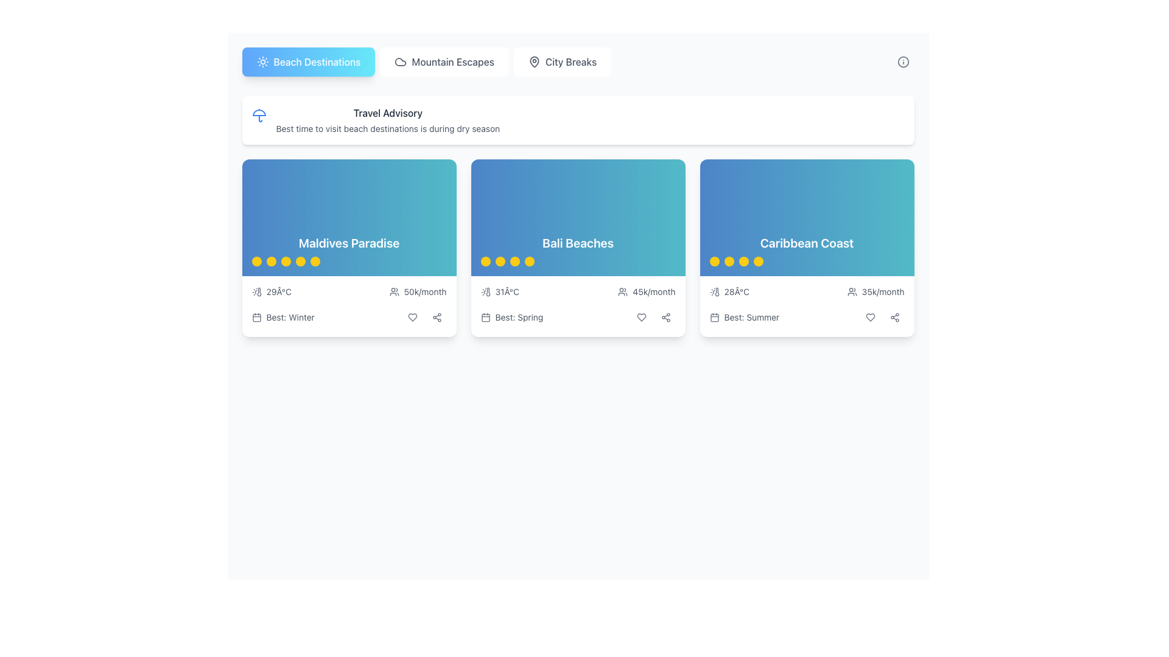  Describe the element at coordinates (285, 260) in the screenshot. I see `the third yellow circular rating indicator dot located beneath the title text "Maldives Paradise"` at that location.